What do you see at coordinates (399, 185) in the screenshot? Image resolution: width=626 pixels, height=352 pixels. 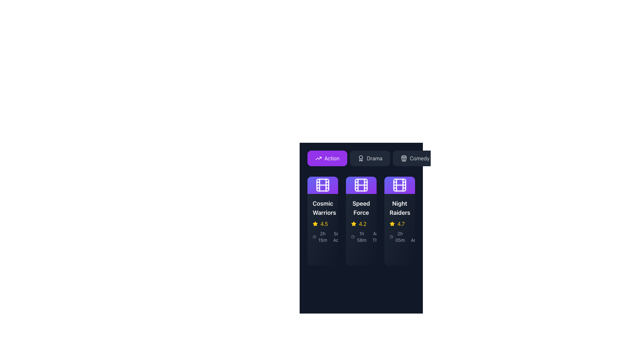 I see `the visual style of the film reel icon centered in the card labeled 'Night Raiders', which is the third card from the left in a row of movie options` at bounding box center [399, 185].